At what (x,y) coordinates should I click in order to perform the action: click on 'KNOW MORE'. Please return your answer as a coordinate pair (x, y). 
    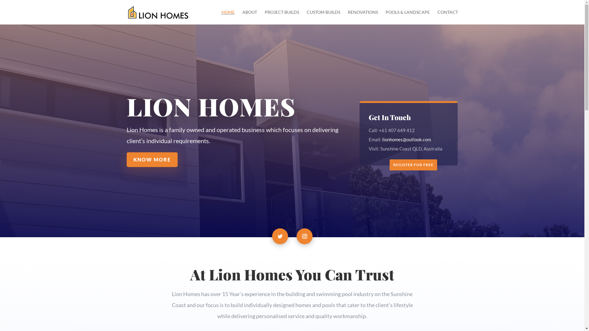
    Looking at the image, I should click on (126, 159).